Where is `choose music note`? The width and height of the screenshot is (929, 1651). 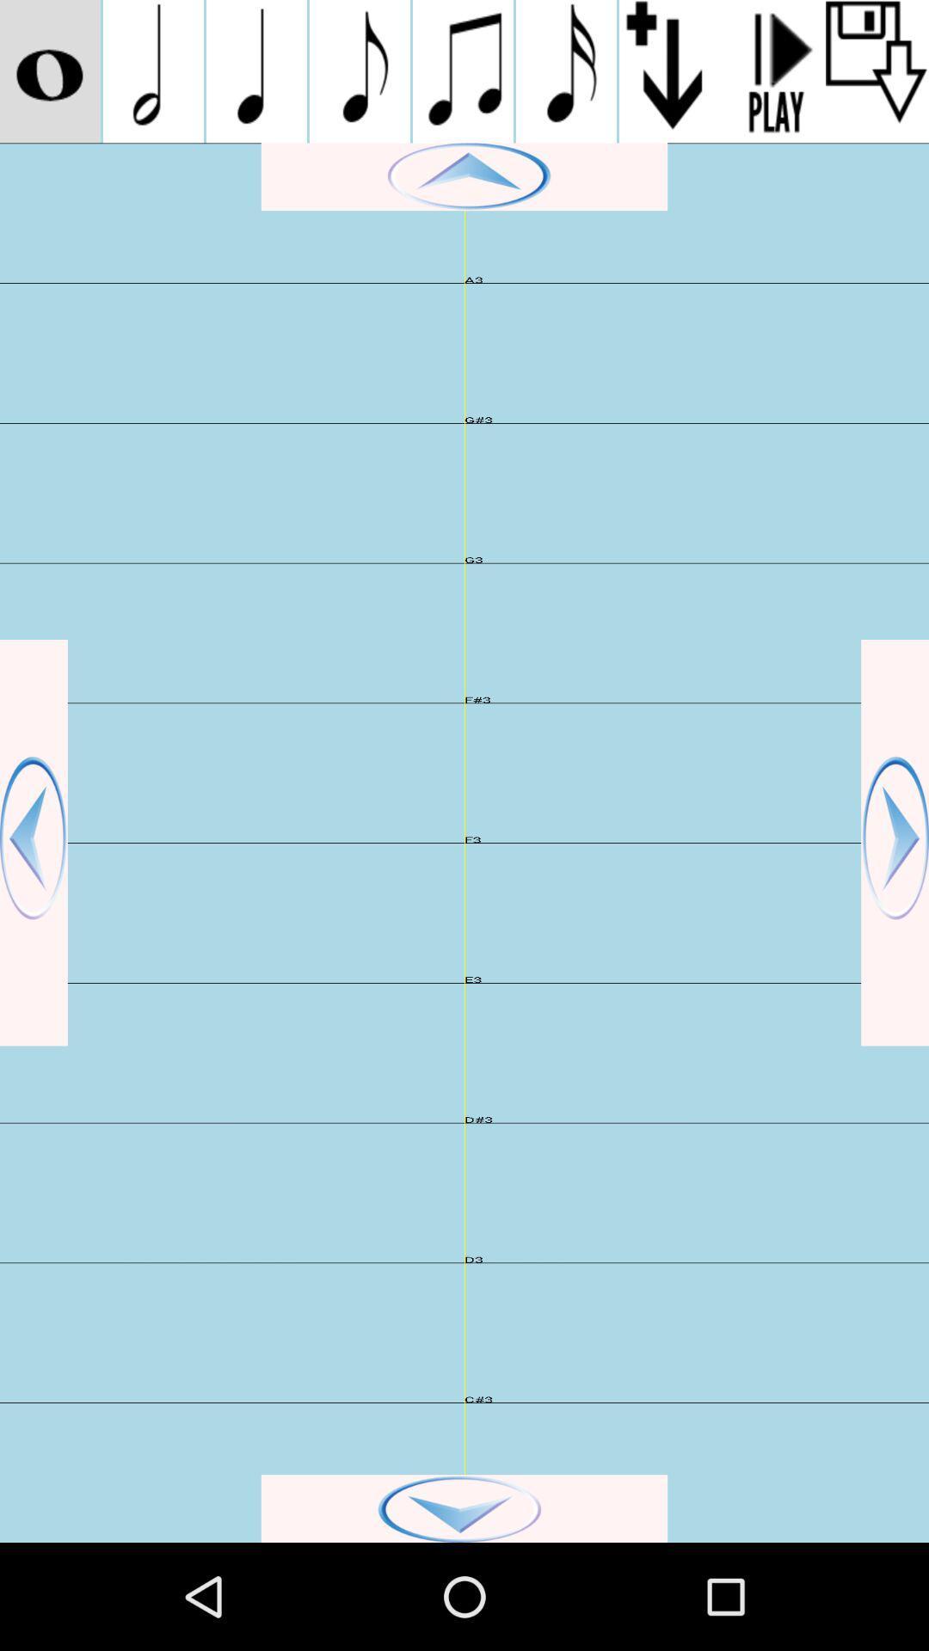
choose music note is located at coordinates (359, 71).